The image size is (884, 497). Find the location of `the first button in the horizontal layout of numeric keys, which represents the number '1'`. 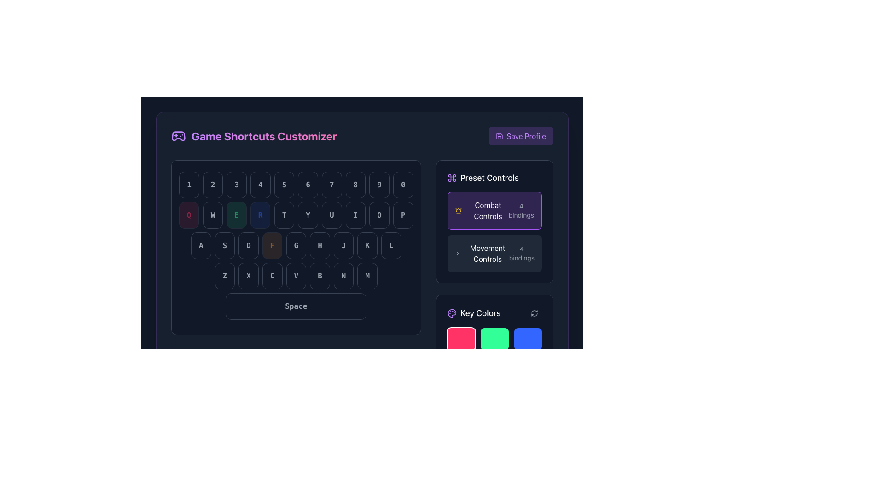

the first button in the horizontal layout of numeric keys, which represents the number '1' is located at coordinates (188, 185).